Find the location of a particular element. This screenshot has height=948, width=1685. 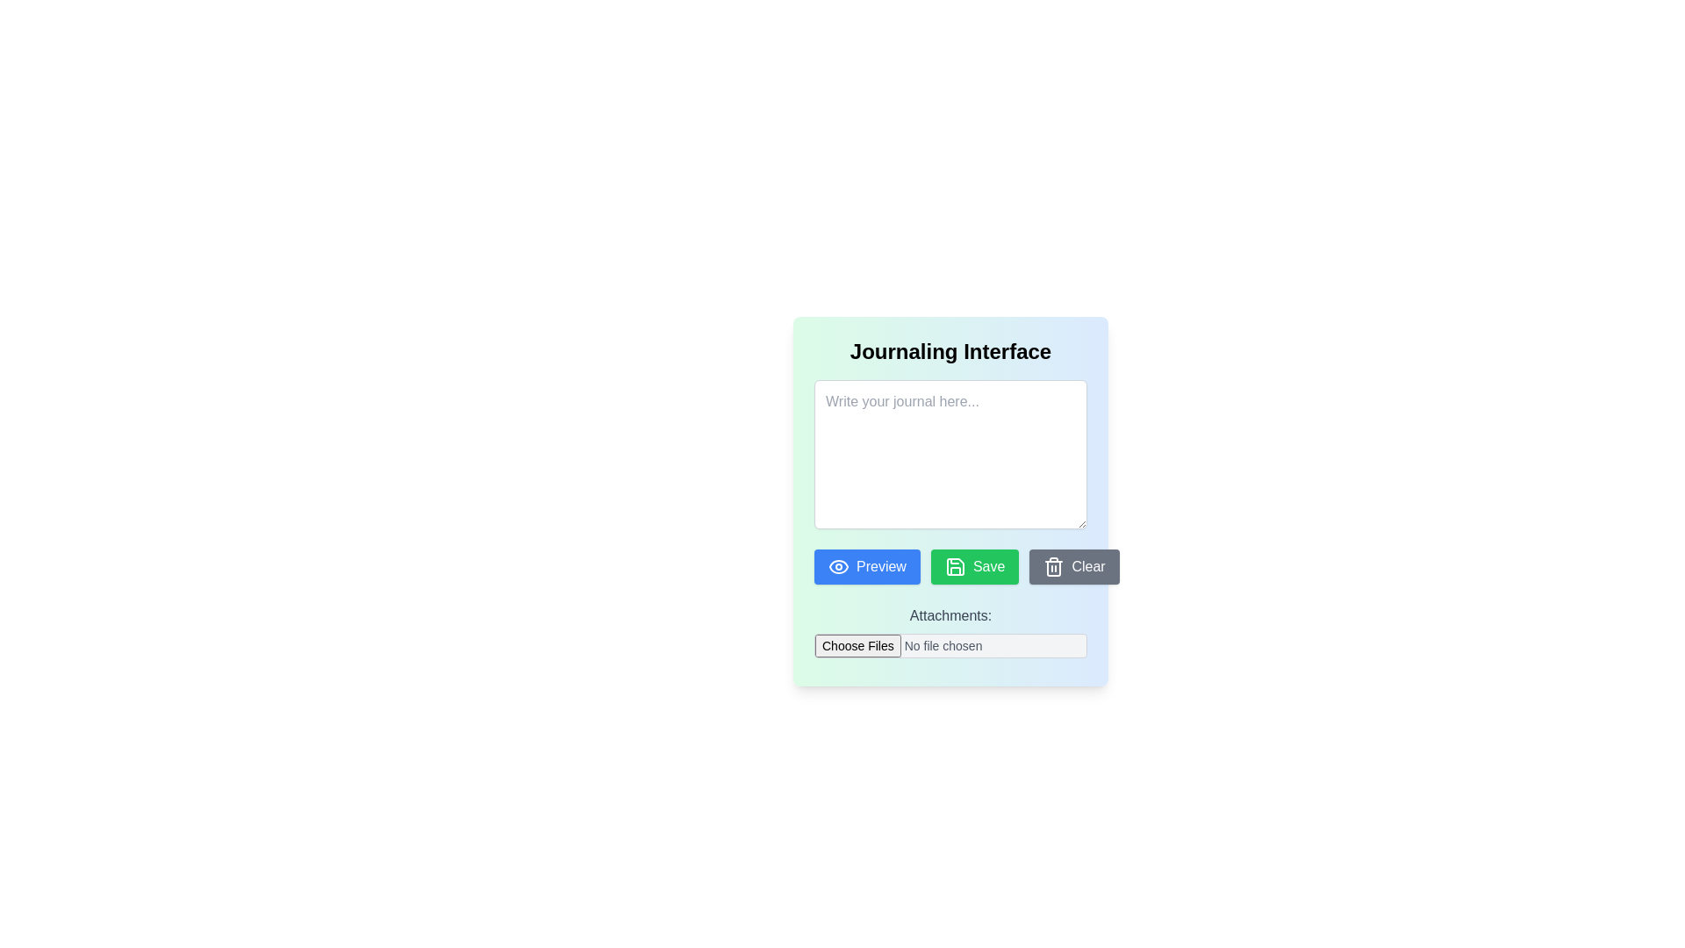

the green 'Save' button with white text and a disk icon, located between the 'Preview' and 'Clear' buttons below the text input area is located at coordinates (950, 566).